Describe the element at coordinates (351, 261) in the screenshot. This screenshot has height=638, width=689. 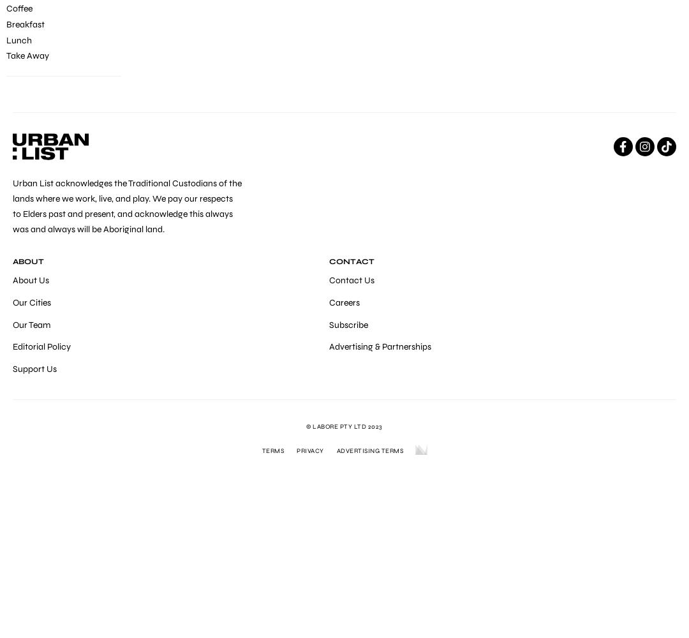
I see `'Contact'` at that location.